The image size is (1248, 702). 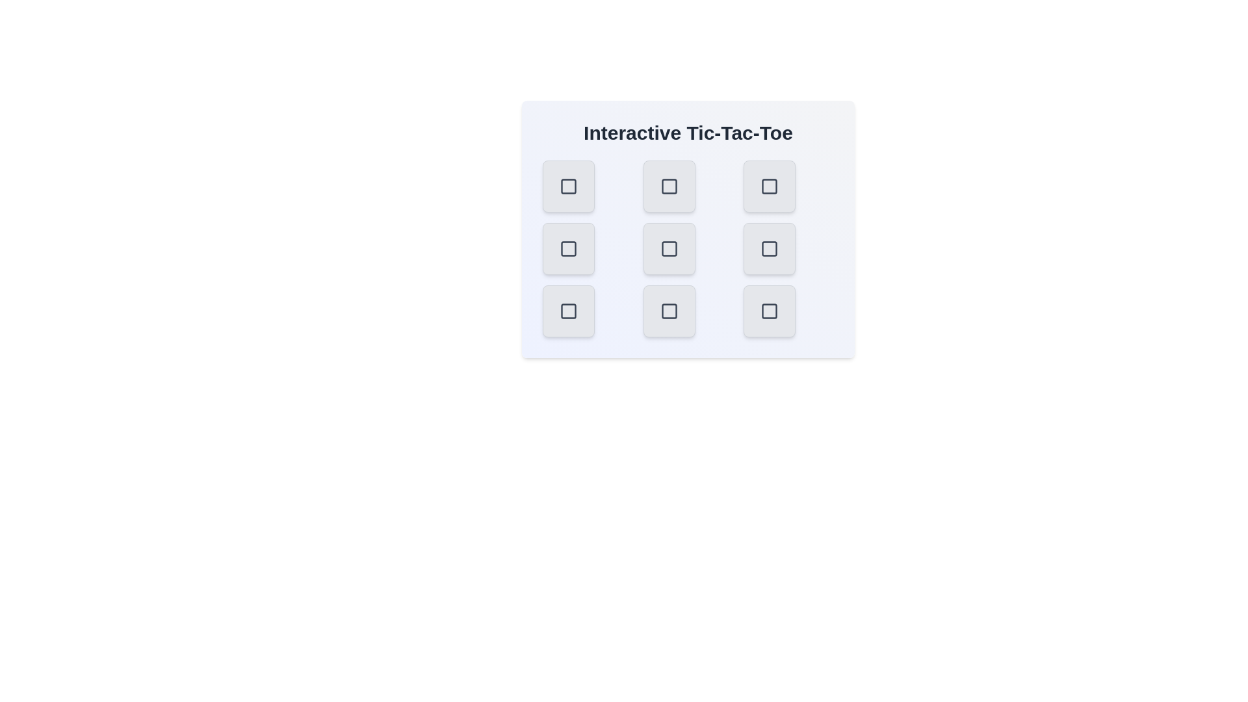 What do you see at coordinates (568, 248) in the screenshot?
I see `the button at middle-left` at bounding box center [568, 248].